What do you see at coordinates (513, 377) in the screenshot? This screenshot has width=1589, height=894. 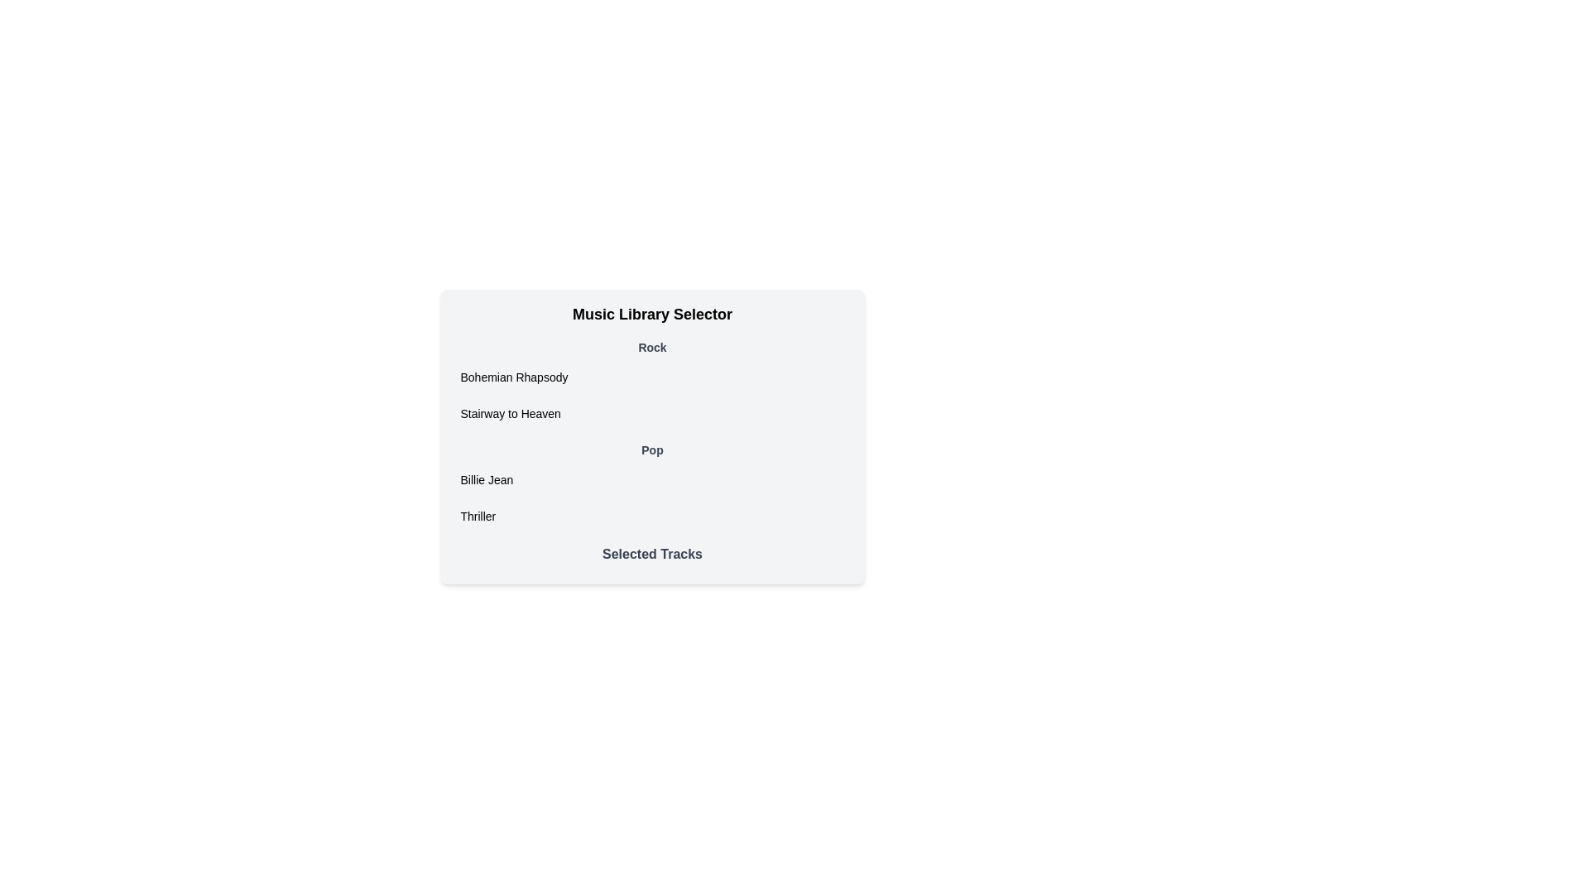 I see `the song title label located in the 'Music Library Selector' section, positioned under the 'Rock' label as the first item in the list` at bounding box center [513, 377].